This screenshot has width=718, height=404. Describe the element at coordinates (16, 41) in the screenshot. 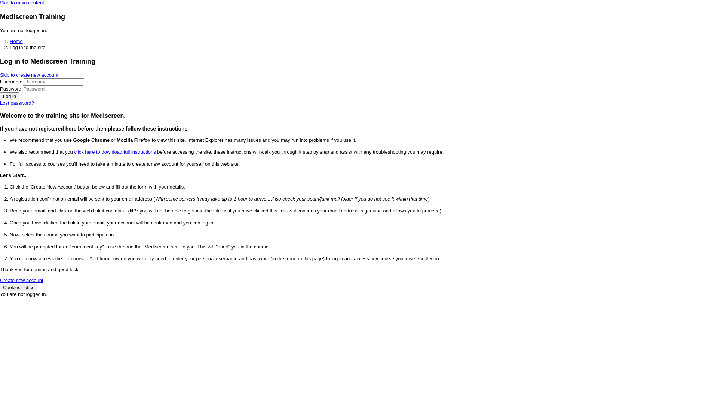

I see `'Home'` at that location.